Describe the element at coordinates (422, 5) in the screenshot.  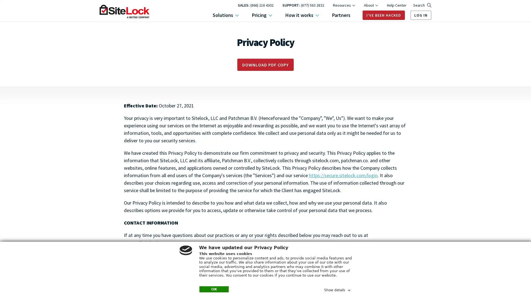
I see `Search` at that location.